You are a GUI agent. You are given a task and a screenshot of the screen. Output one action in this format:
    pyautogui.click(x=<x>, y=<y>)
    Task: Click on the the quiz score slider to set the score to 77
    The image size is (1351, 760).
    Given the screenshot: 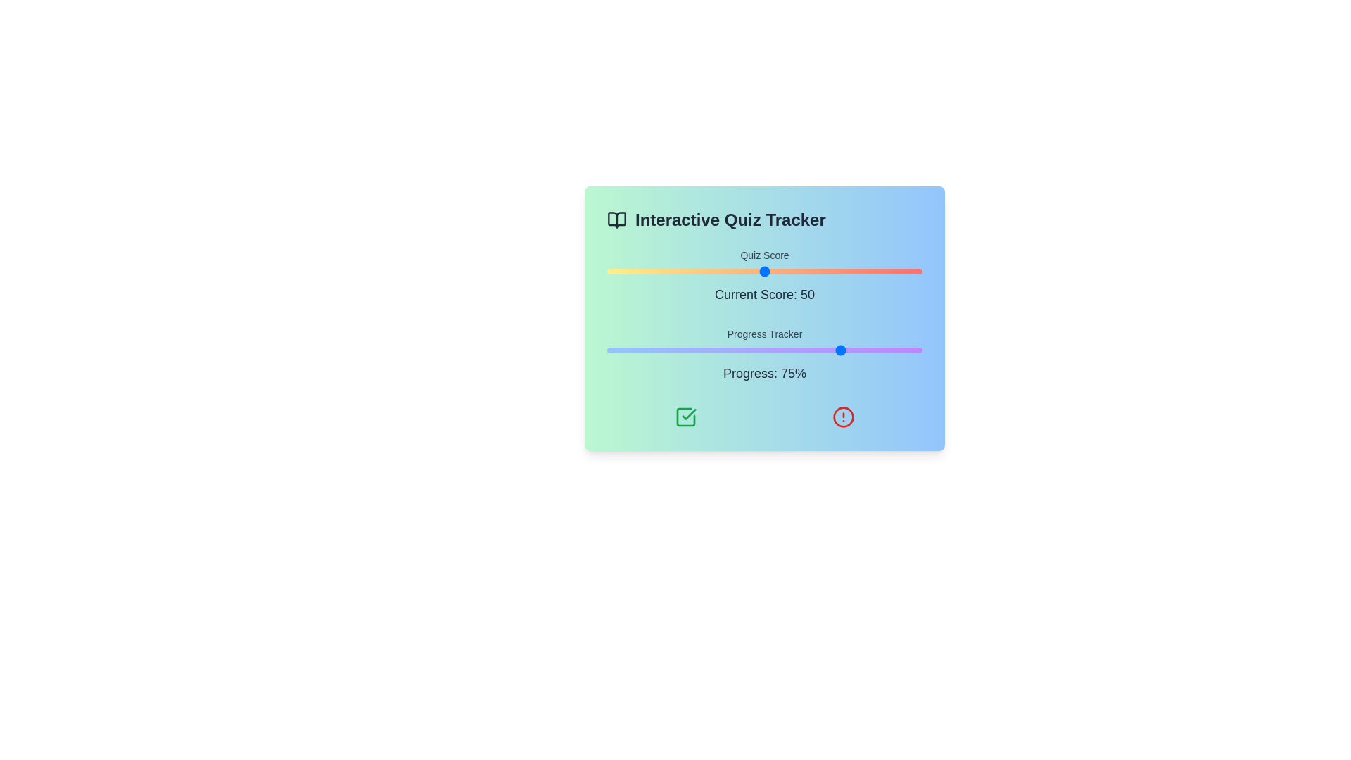 What is the action you would take?
    pyautogui.click(x=849, y=271)
    